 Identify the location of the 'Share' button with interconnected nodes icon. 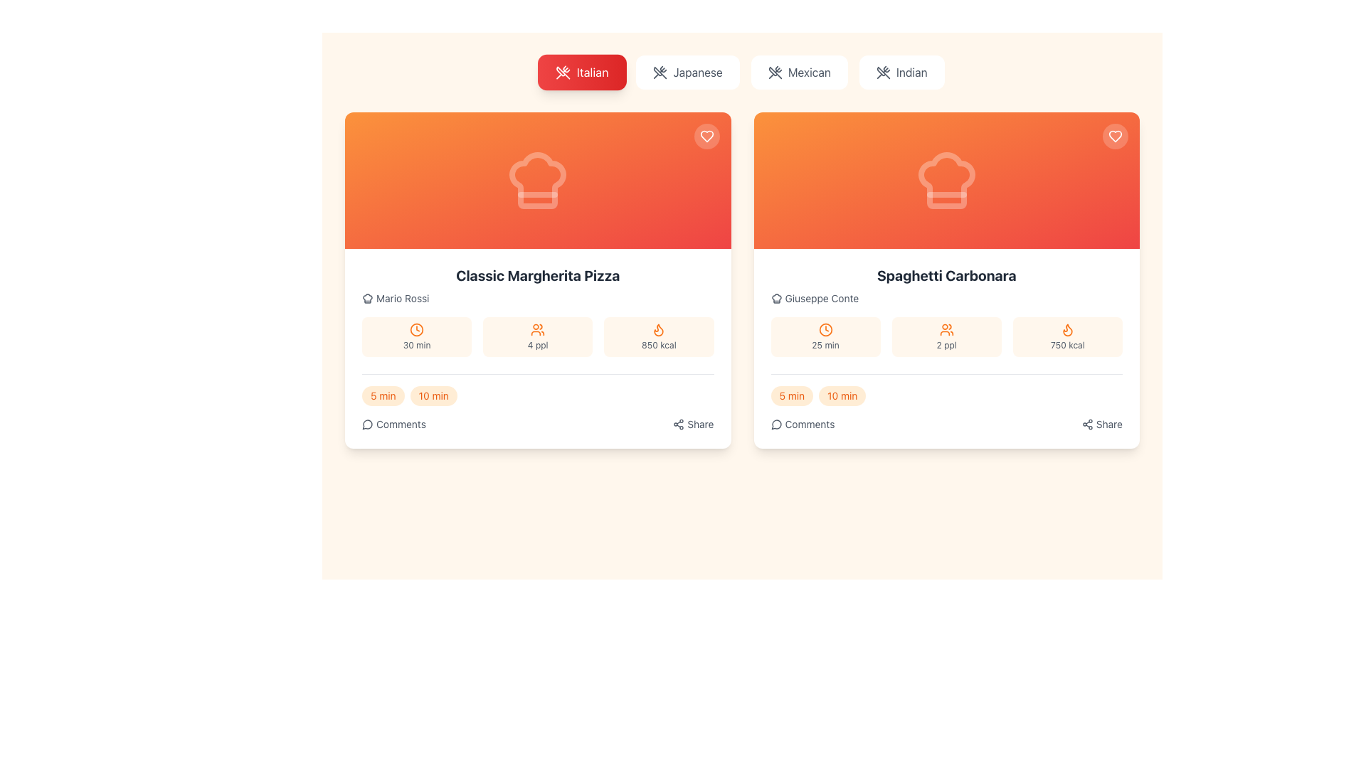
(1101, 424).